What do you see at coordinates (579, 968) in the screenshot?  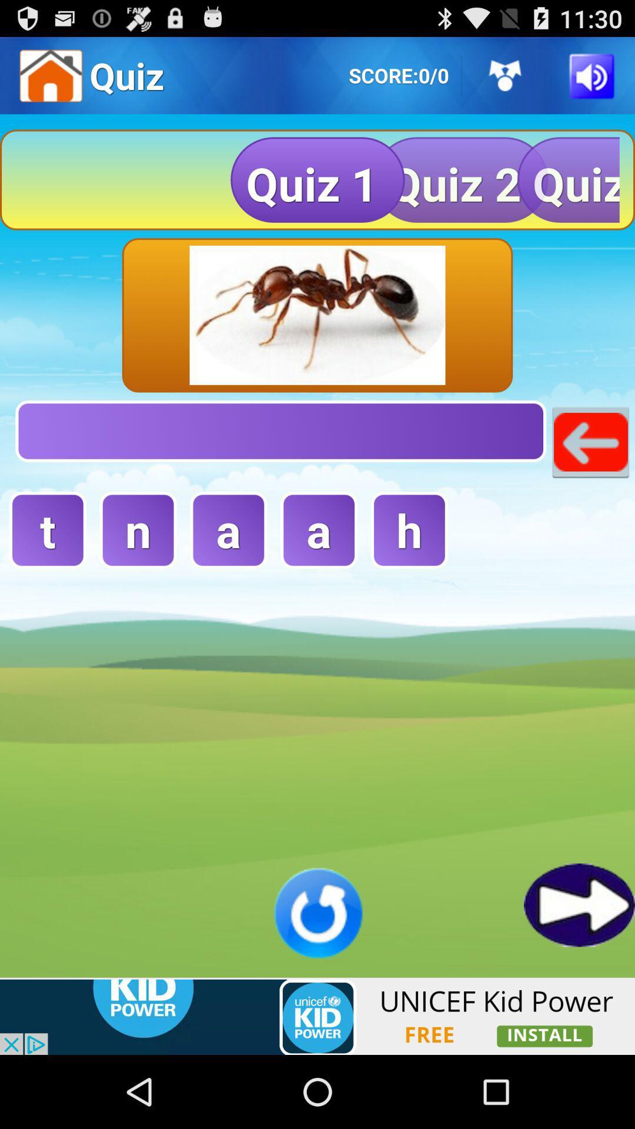 I see `the arrow_forward icon` at bounding box center [579, 968].